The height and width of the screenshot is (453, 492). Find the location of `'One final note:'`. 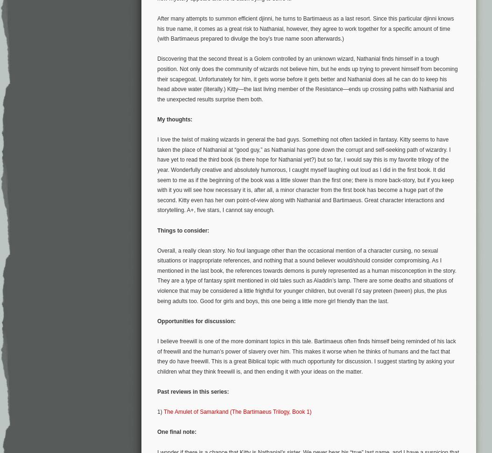

'One final note:' is located at coordinates (176, 431).